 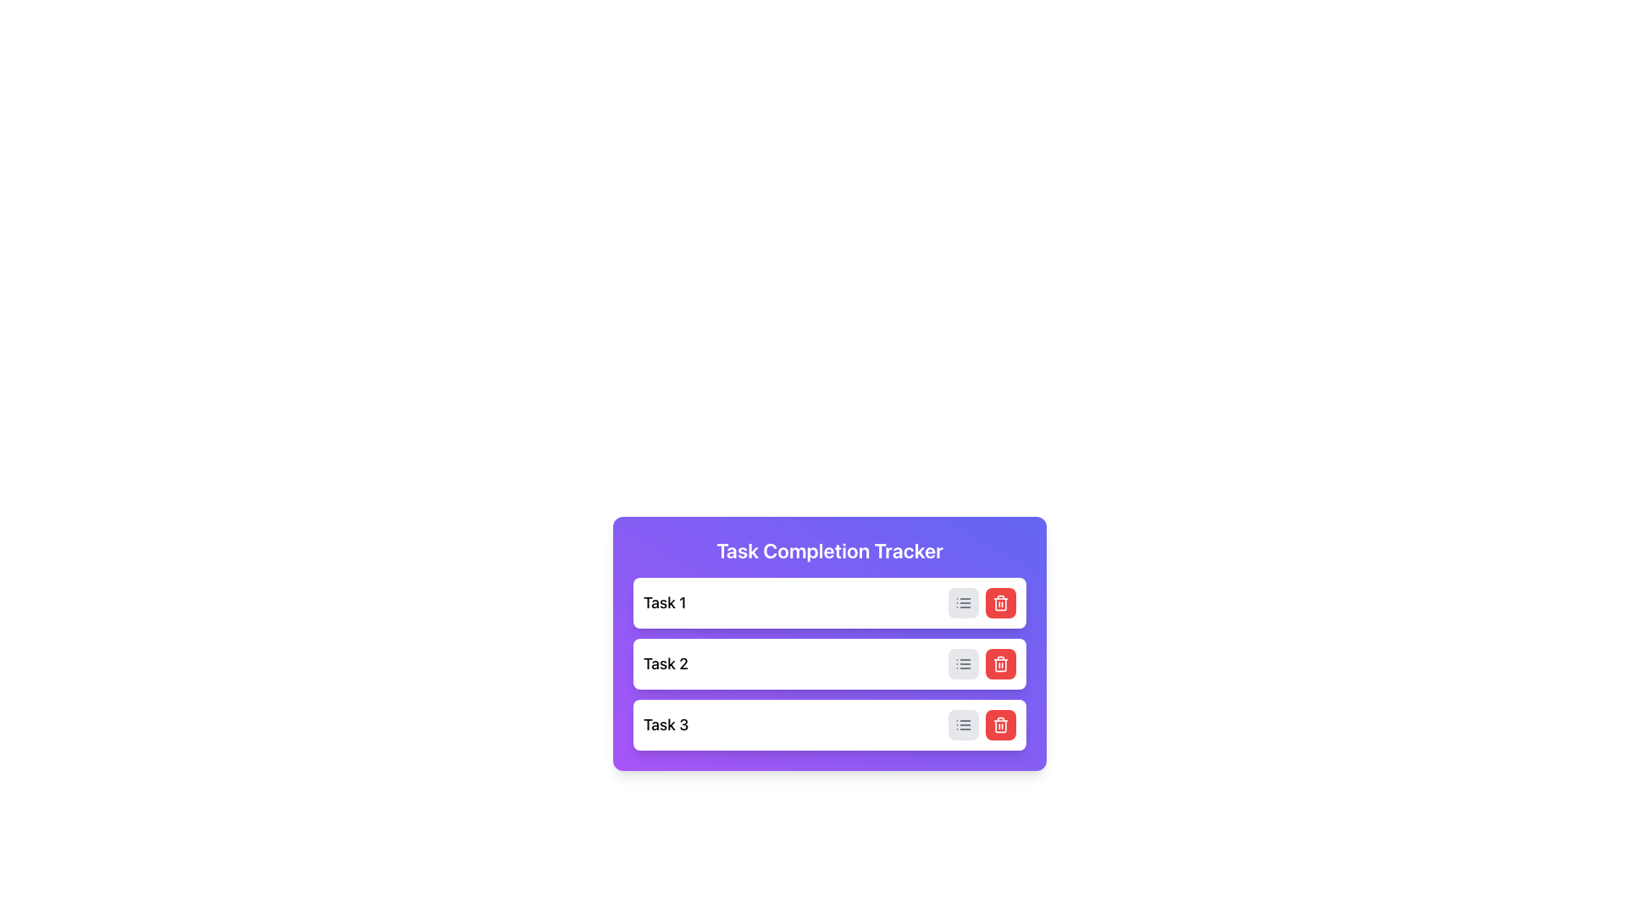 I want to click on the interactive button with a light gray background and three stacked horizontal lines icon, located to the left of the delete button in the second row representing 'Task 2', so click(x=963, y=663).